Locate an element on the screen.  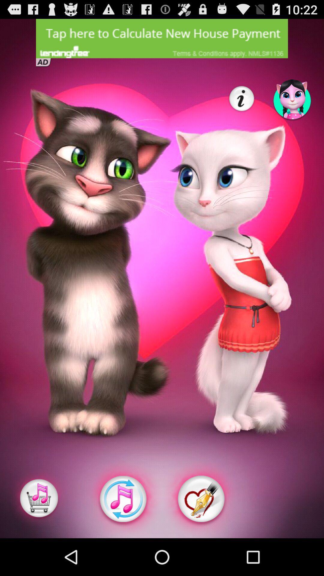
visit lending tree website is located at coordinates (162, 38).